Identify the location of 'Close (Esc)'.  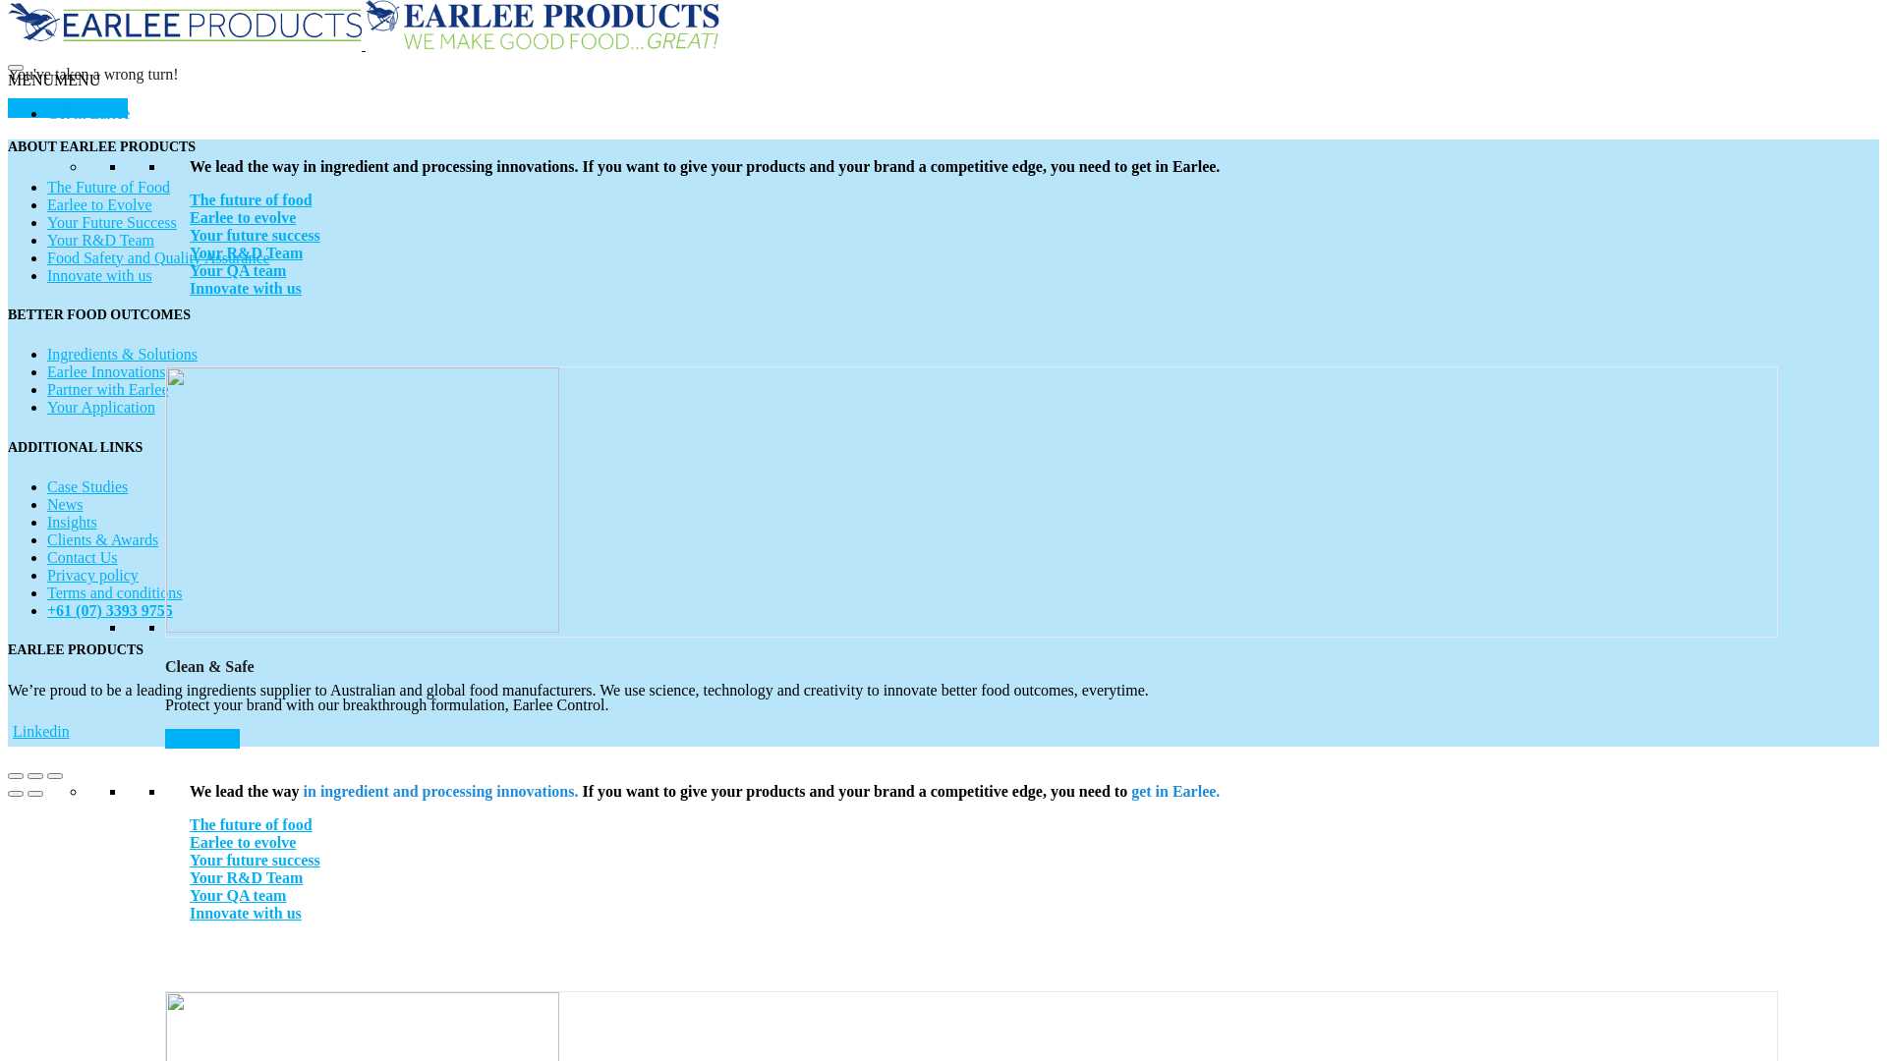
(8, 775).